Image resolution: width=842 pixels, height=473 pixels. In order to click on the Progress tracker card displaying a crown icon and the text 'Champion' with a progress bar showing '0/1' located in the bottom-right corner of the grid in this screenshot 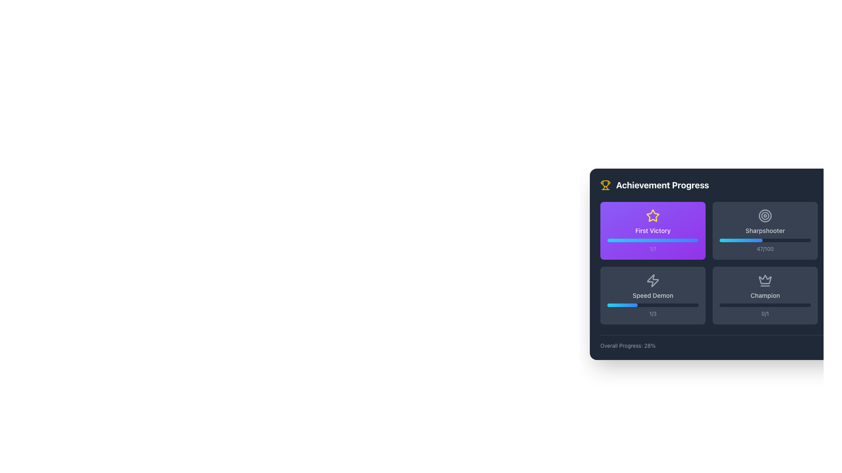, I will do `click(765, 296)`.